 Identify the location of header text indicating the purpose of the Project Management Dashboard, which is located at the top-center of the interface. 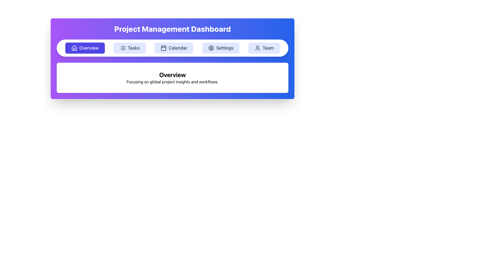
(172, 29).